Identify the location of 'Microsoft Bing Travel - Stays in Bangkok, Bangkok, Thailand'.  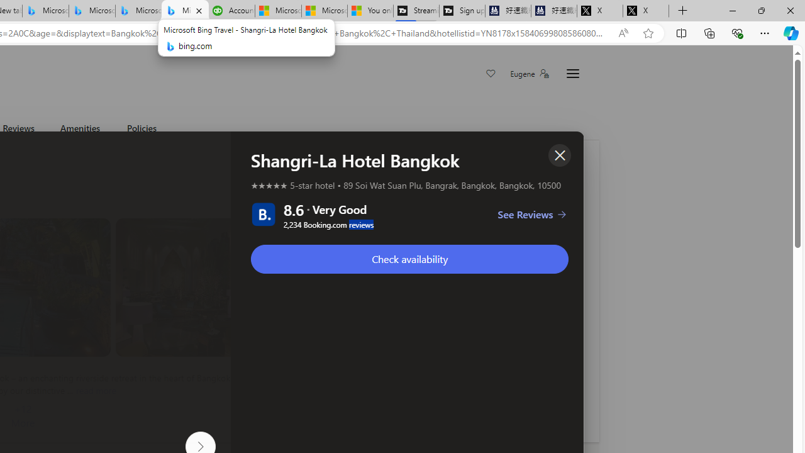
(91, 11).